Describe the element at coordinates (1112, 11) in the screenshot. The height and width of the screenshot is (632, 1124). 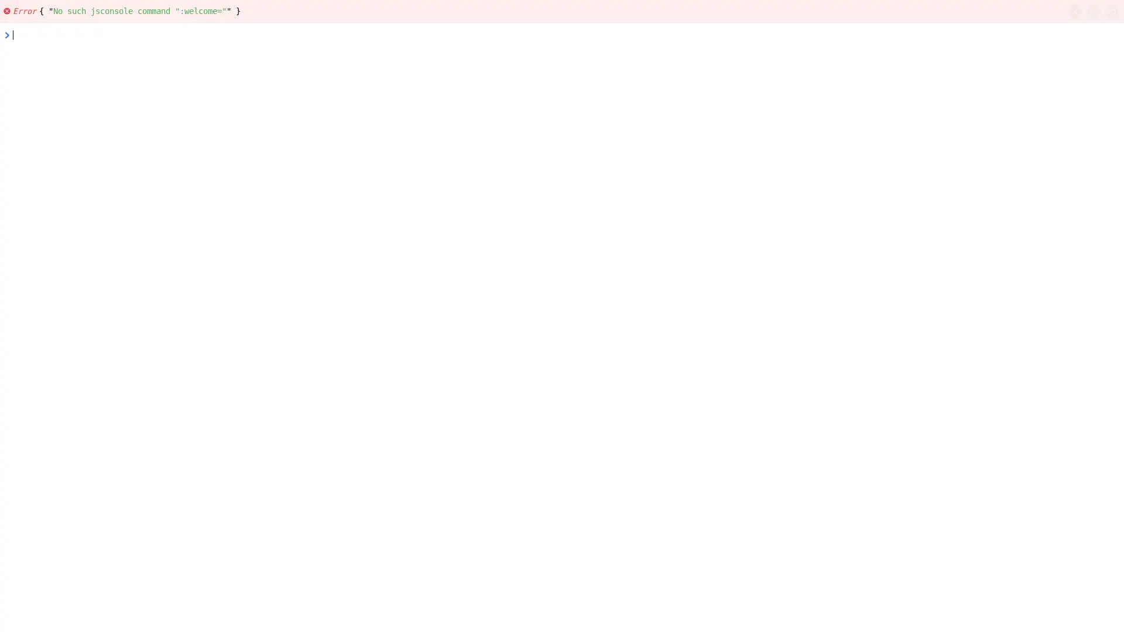
I see `copy` at that location.